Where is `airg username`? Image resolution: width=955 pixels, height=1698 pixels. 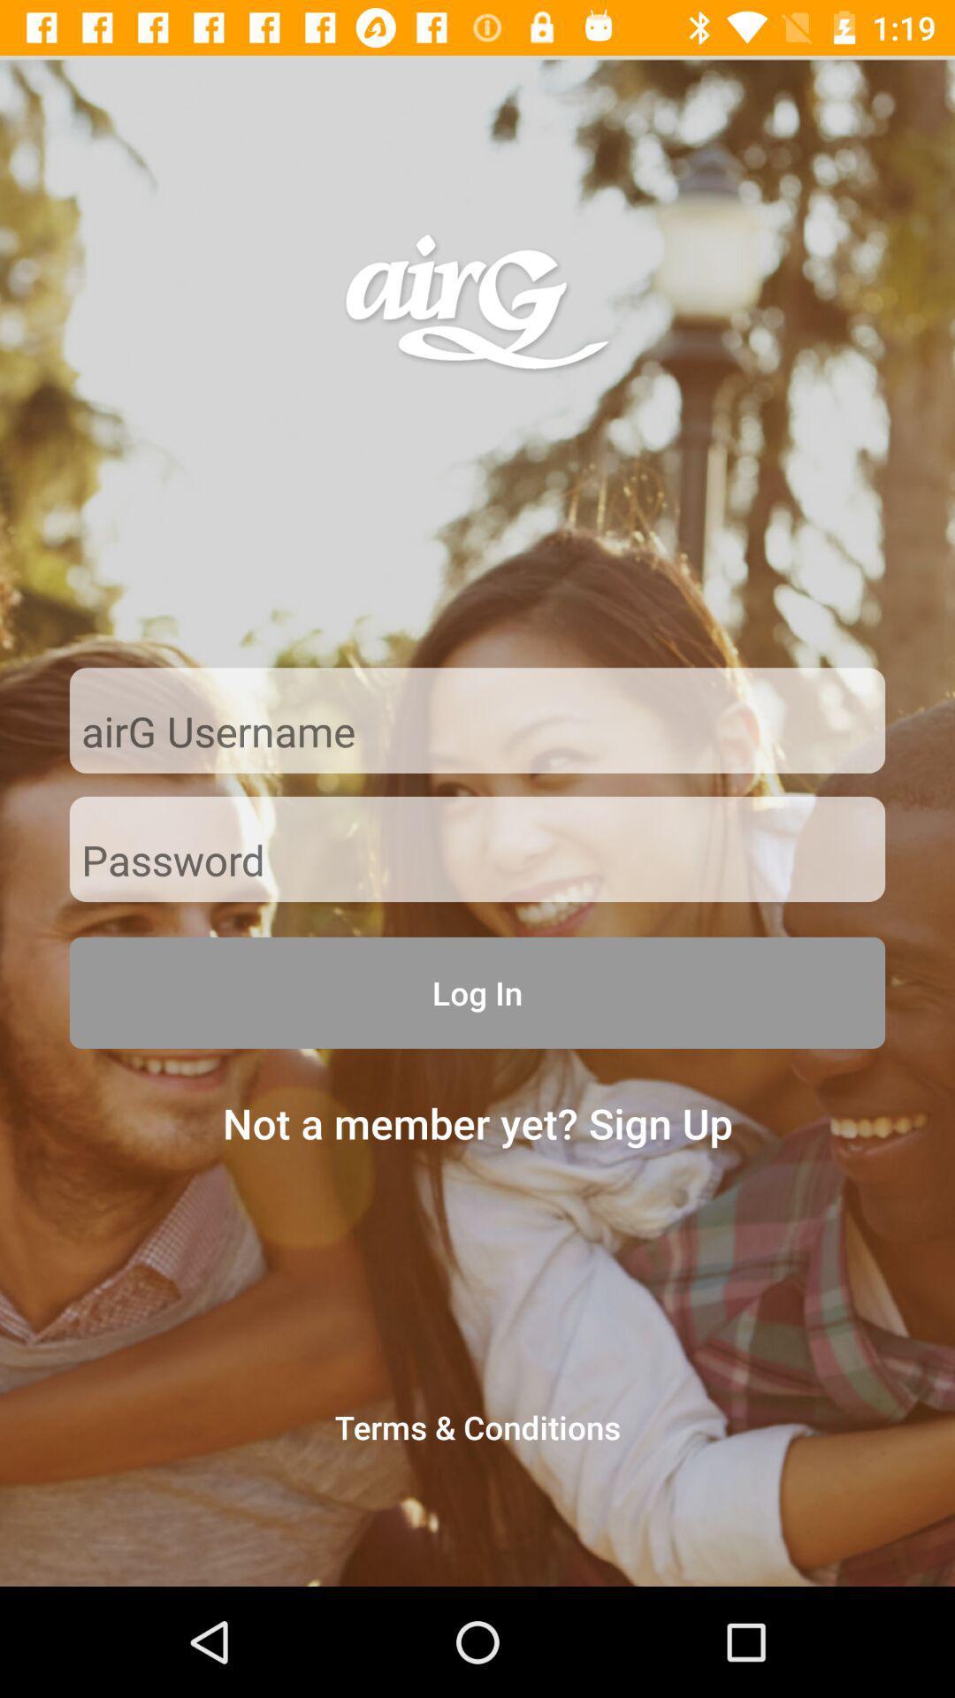
airg username is located at coordinates (477, 733).